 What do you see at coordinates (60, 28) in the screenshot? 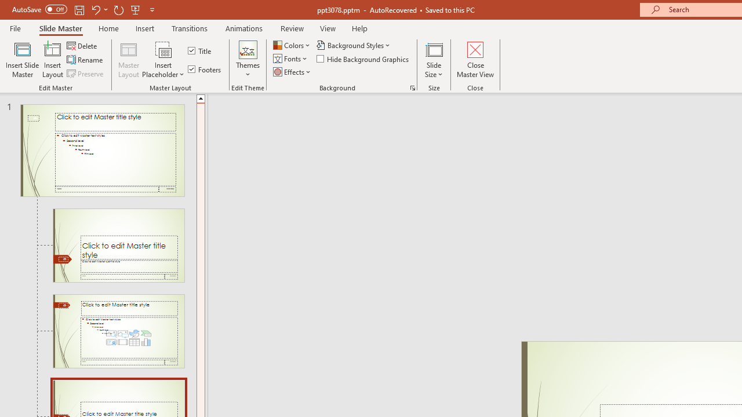
I see `'Slide Master'` at bounding box center [60, 28].